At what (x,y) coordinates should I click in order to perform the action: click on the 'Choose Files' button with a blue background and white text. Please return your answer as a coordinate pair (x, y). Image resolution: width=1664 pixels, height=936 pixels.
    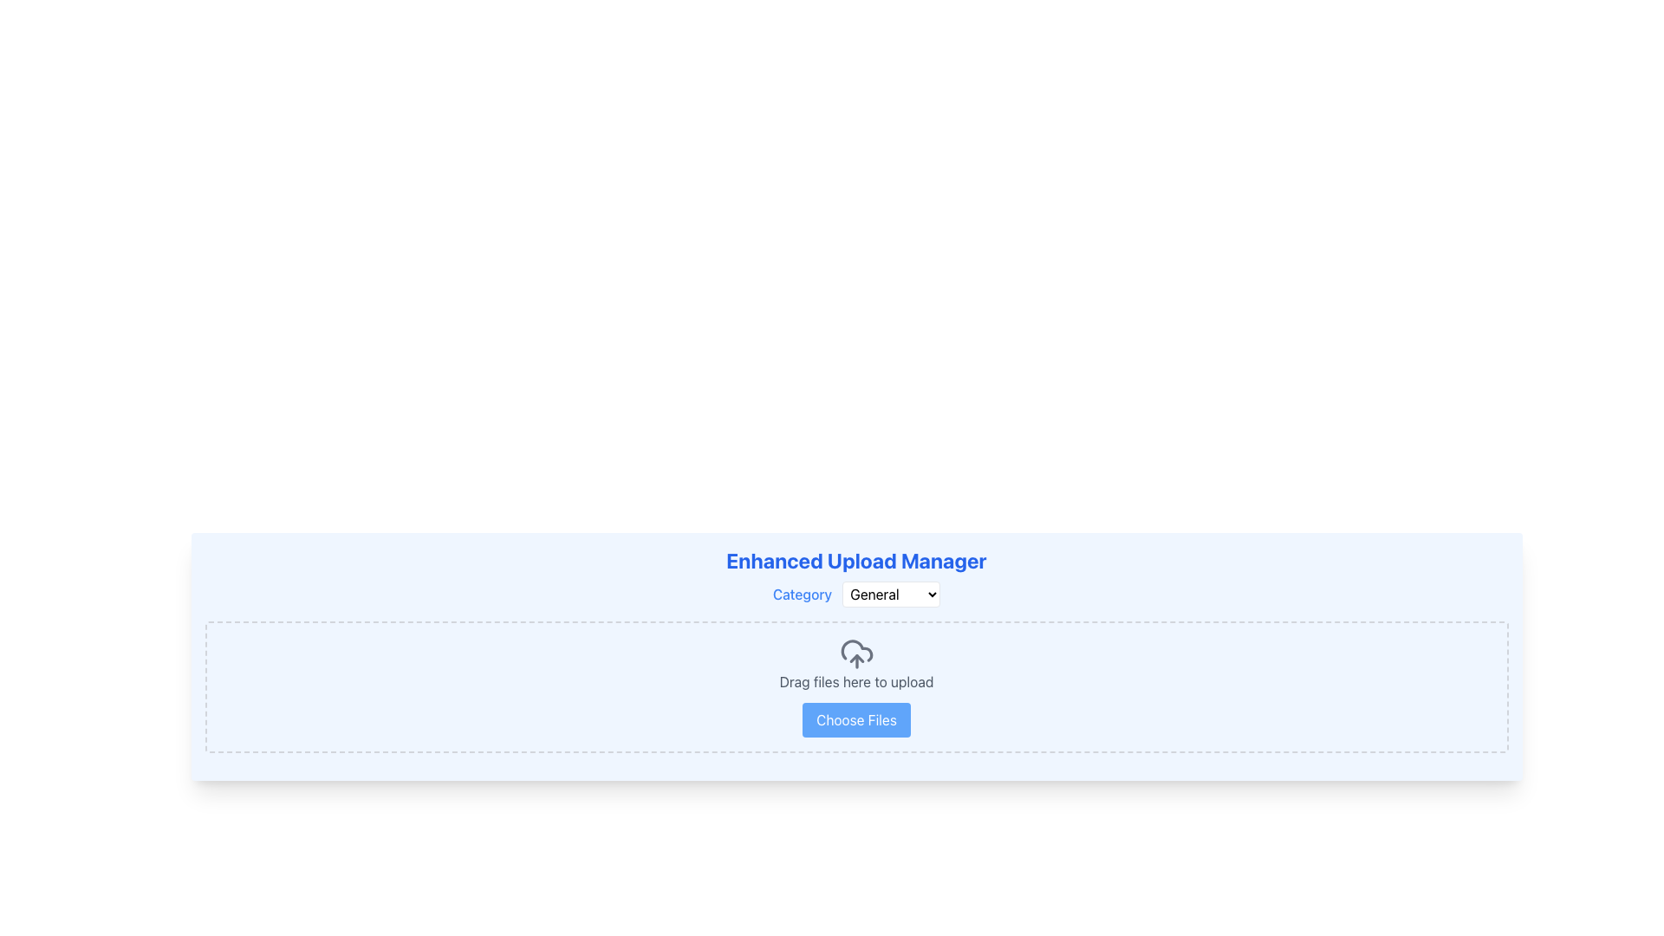
    Looking at the image, I should click on (856, 719).